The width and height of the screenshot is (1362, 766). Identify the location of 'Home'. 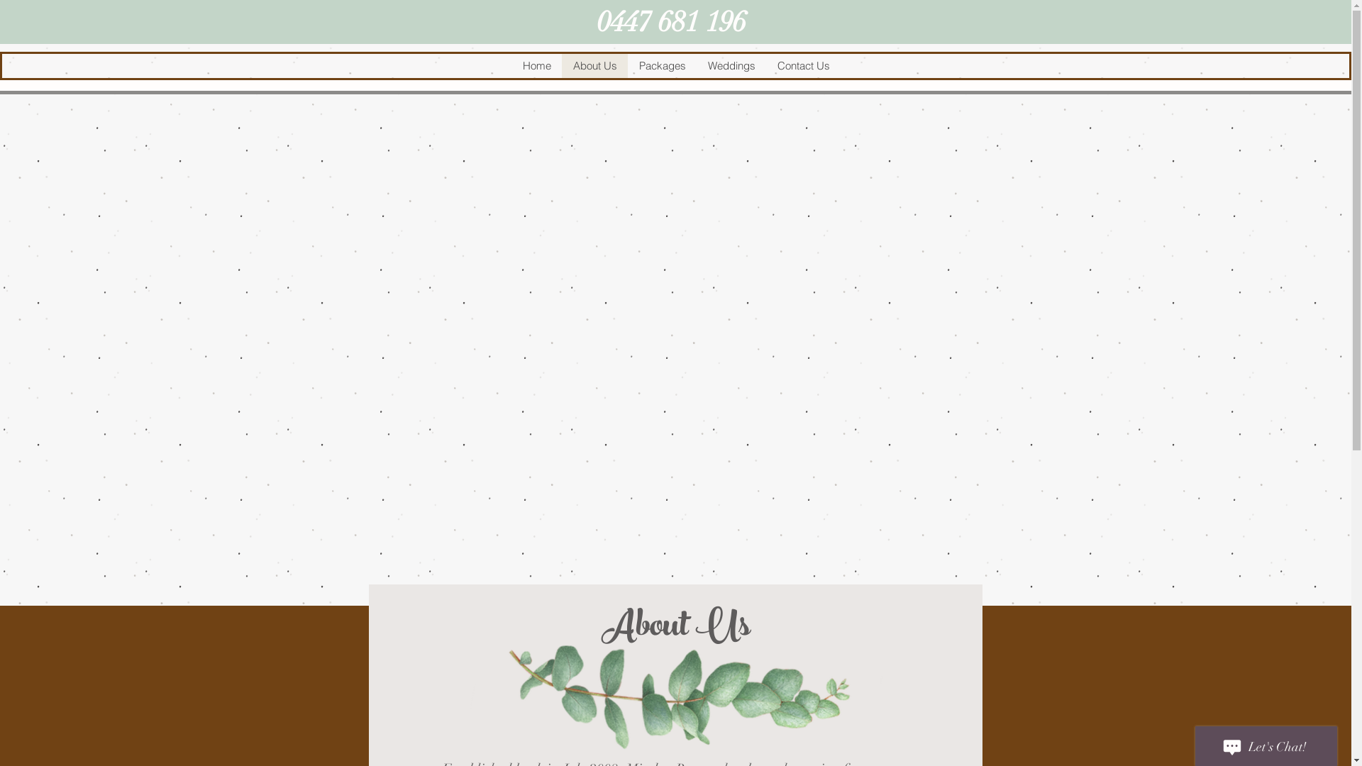
(535, 65).